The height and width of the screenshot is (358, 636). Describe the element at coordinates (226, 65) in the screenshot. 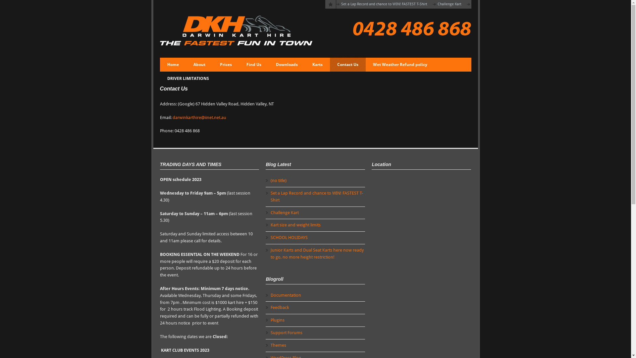

I see `'Prices'` at that location.